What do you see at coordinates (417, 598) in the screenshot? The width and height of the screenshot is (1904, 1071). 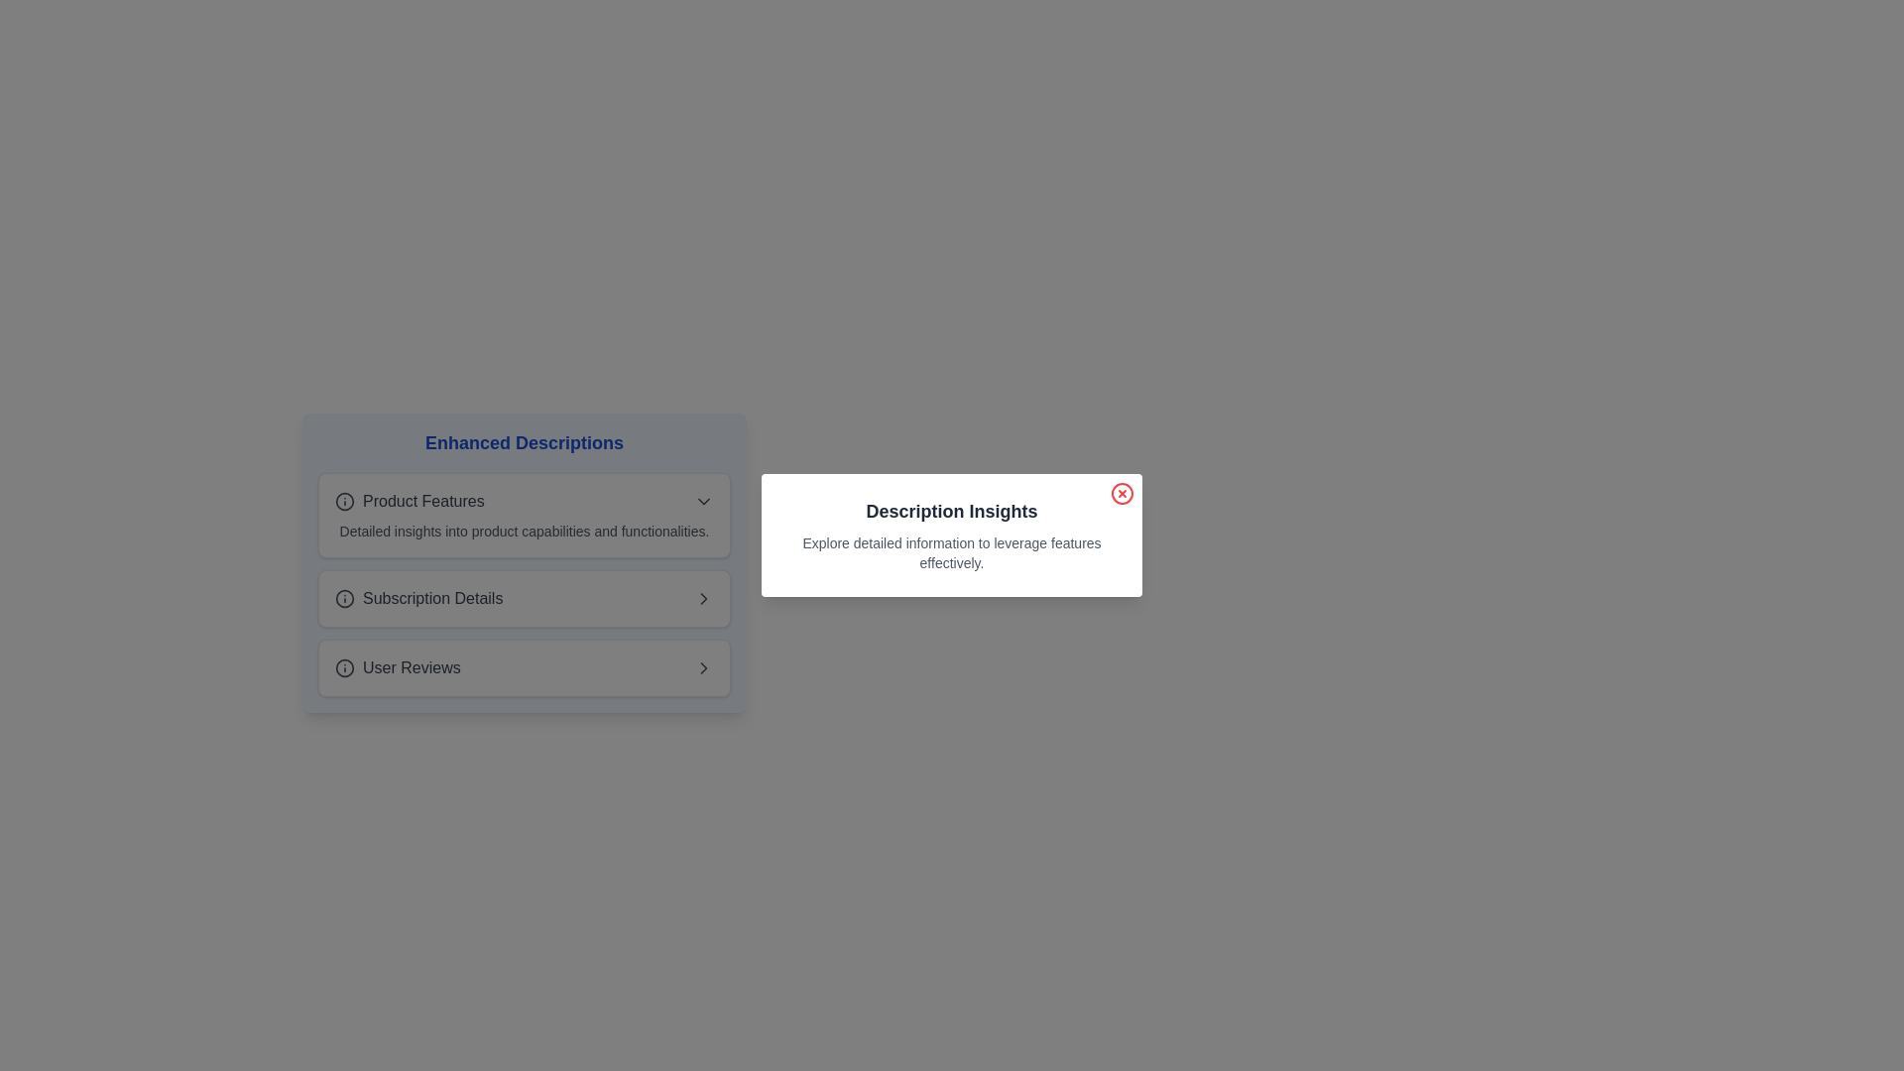 I see `the Static Text Label that indicates subscription details` at bounding box center [417, 598].